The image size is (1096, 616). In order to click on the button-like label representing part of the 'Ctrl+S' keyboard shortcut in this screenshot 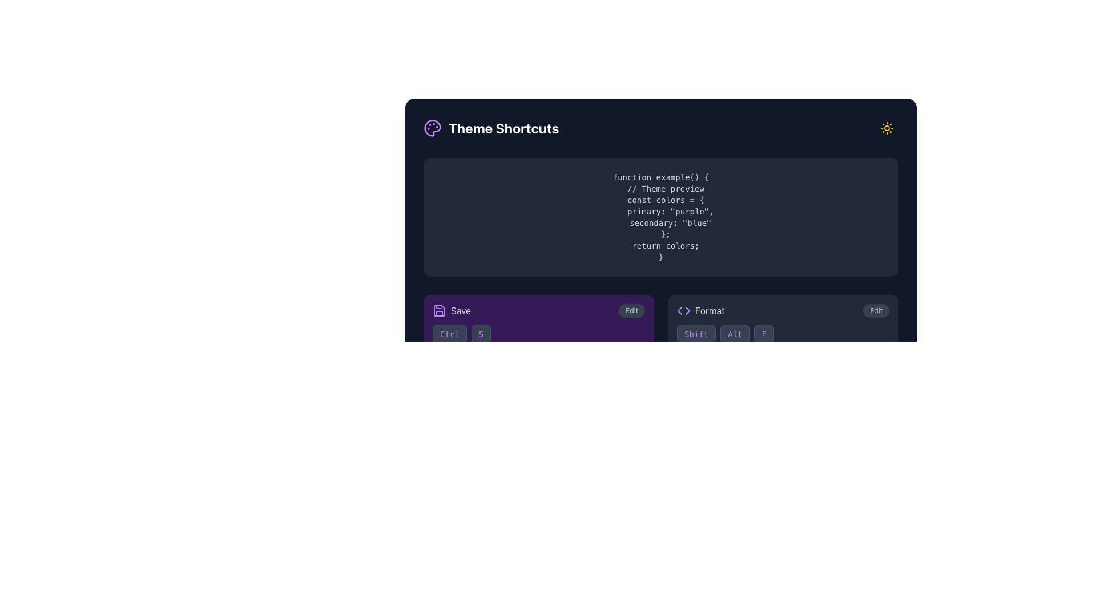, I will do `click(481, 334)`.